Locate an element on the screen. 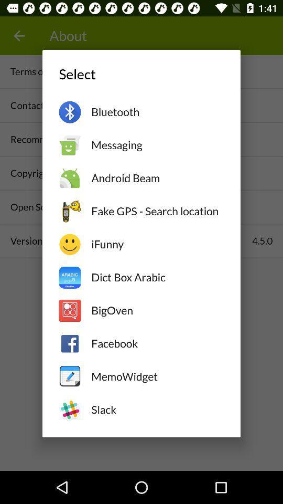 The height and width of the screenshot is (504, 283). the item above messaging is located at coordinates (157, 112).